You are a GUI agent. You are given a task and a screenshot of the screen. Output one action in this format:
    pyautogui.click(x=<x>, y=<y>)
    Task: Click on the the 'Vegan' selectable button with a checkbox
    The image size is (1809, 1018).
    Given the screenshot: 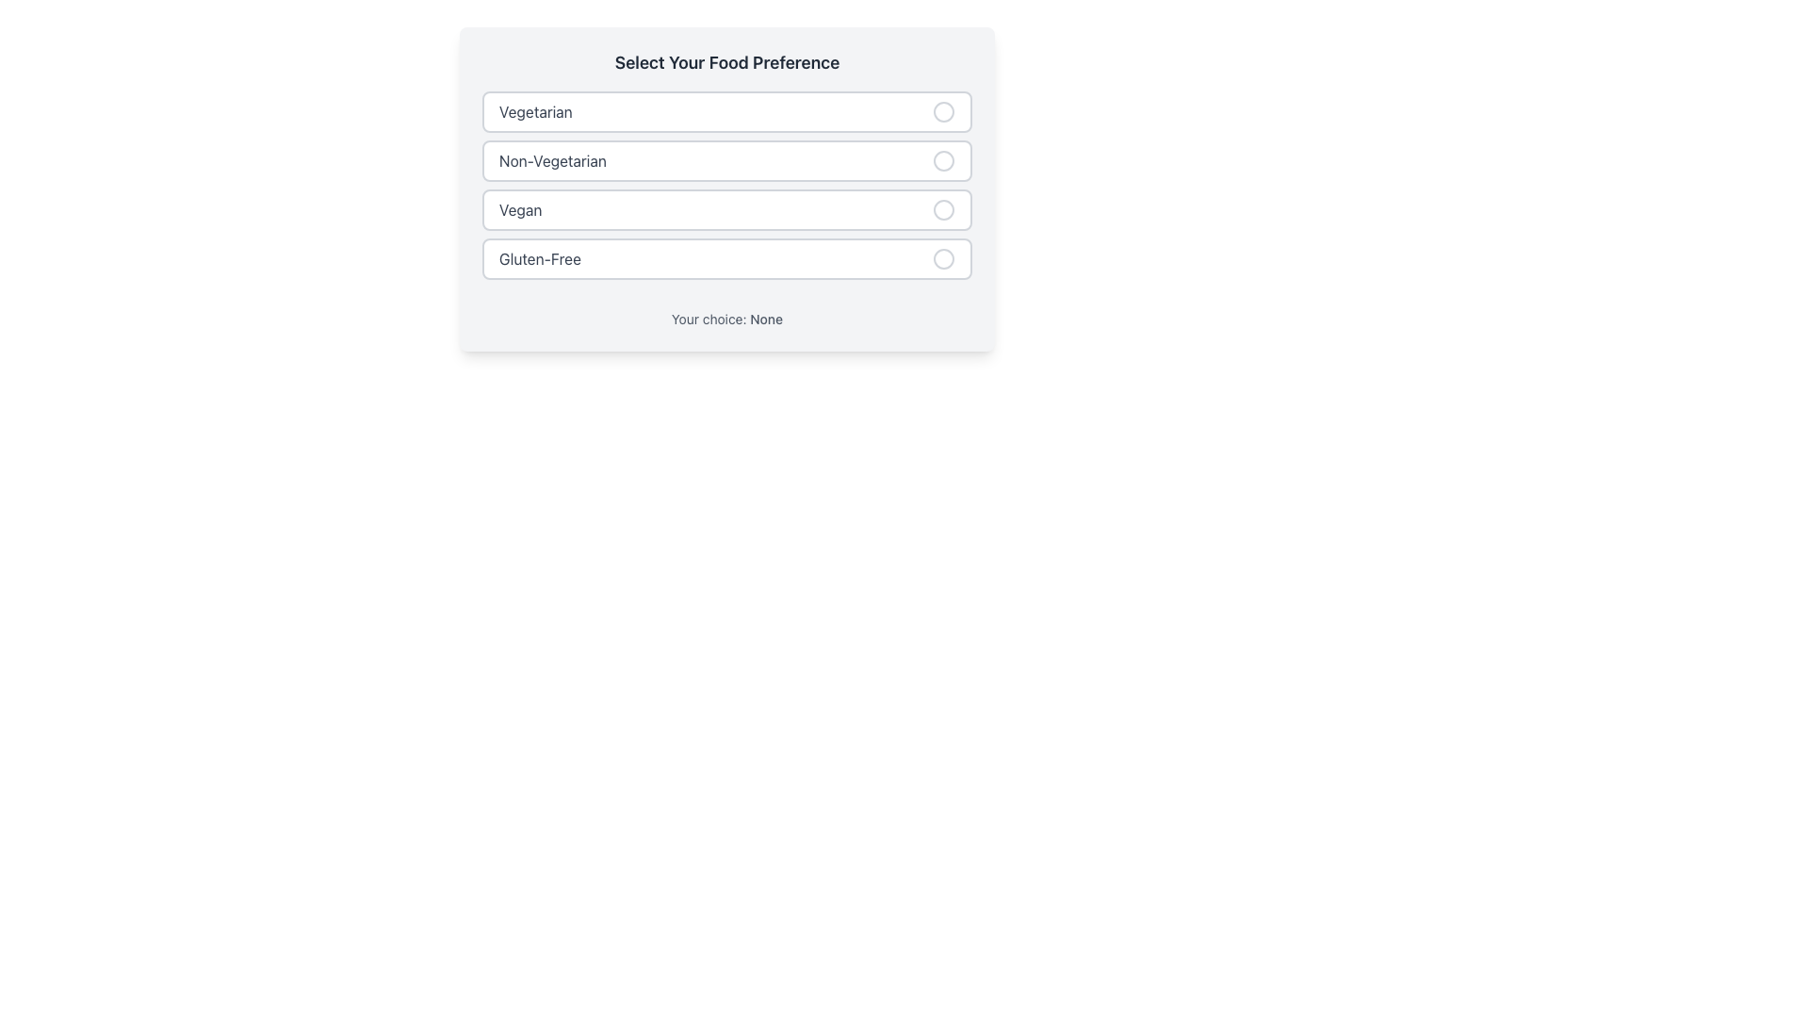 What is the action you would take?
    pyautogui.click(x=726, y=210)
    